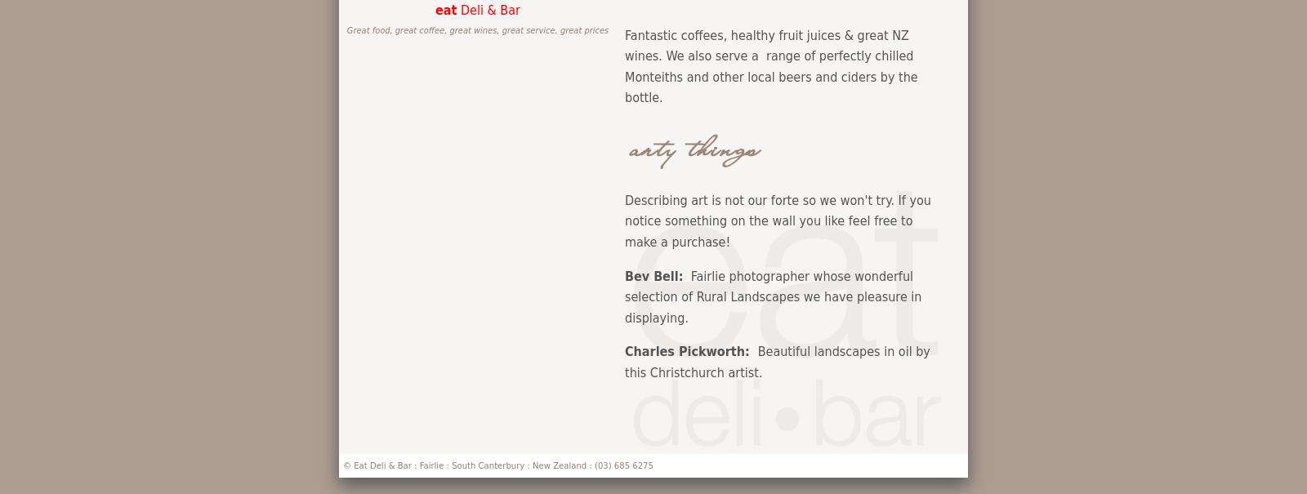  What do you see at coordinates (497, 465) in the screenshot?
I see `'© Eat Deli & Bar : Fairlie : South Canterbury : New Zealand : (03) 685 6275'` at bounding box center [497, 465].